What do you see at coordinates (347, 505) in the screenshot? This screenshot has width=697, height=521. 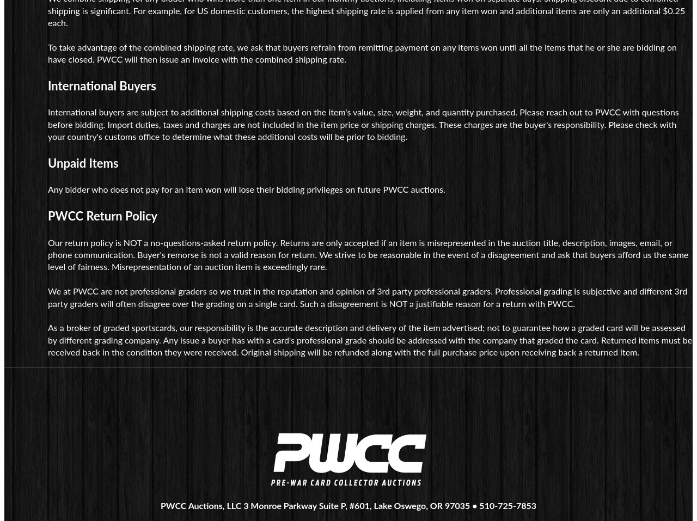 I see `'PWCC Auctions, LLC 3 Monroe Parkway Suite P, #601, Lake Oswego, OR 97035 • 510-725-7853'` at bounding box center [347, 505].